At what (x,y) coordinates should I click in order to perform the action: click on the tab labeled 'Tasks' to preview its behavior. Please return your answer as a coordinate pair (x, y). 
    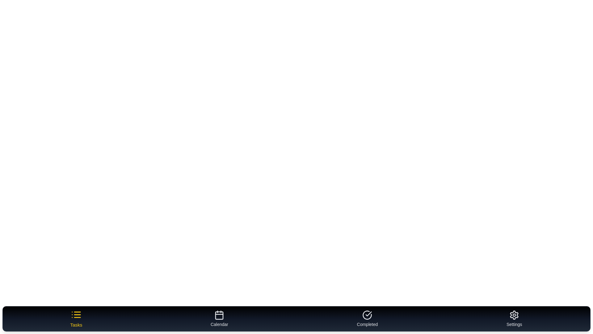
    Looking at the image, I should click on (76, 319).